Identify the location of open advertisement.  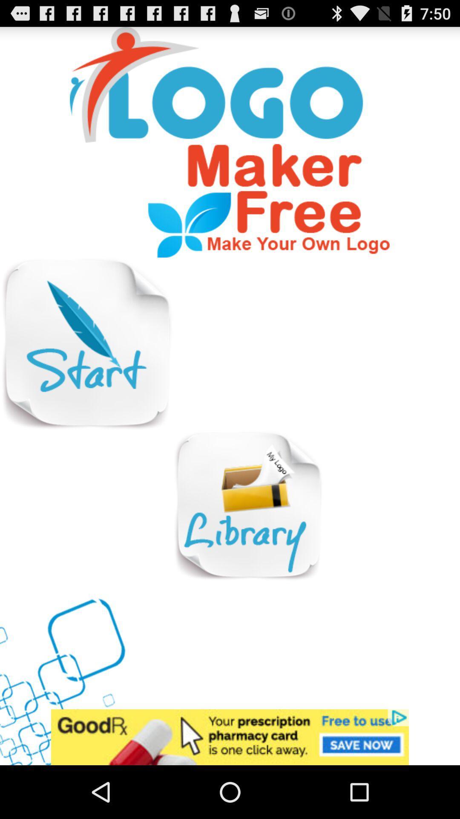
(230, 737).